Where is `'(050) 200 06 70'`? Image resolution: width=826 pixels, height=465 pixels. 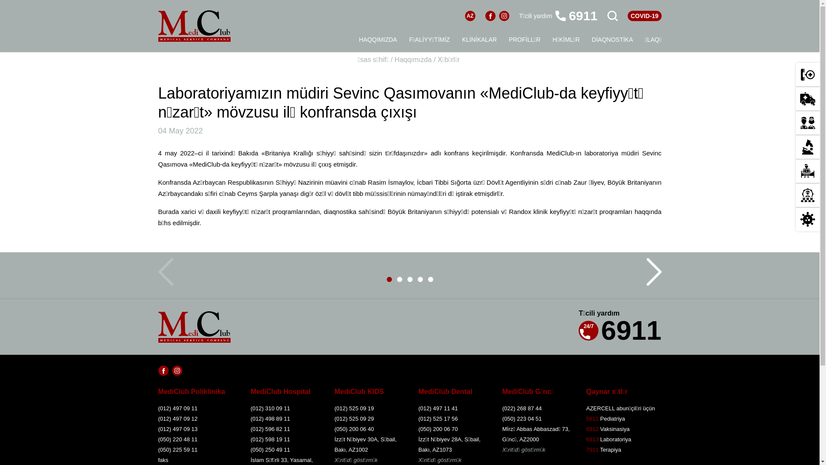
'(050) 200 06 70' is located at coordinates (452, 429).